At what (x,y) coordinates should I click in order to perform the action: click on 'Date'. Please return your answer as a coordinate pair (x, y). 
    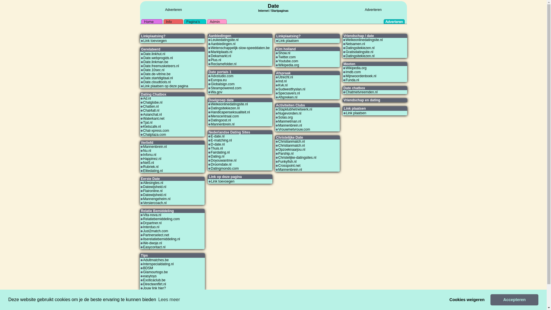
    Looking at the image, I should click on (273, 6).